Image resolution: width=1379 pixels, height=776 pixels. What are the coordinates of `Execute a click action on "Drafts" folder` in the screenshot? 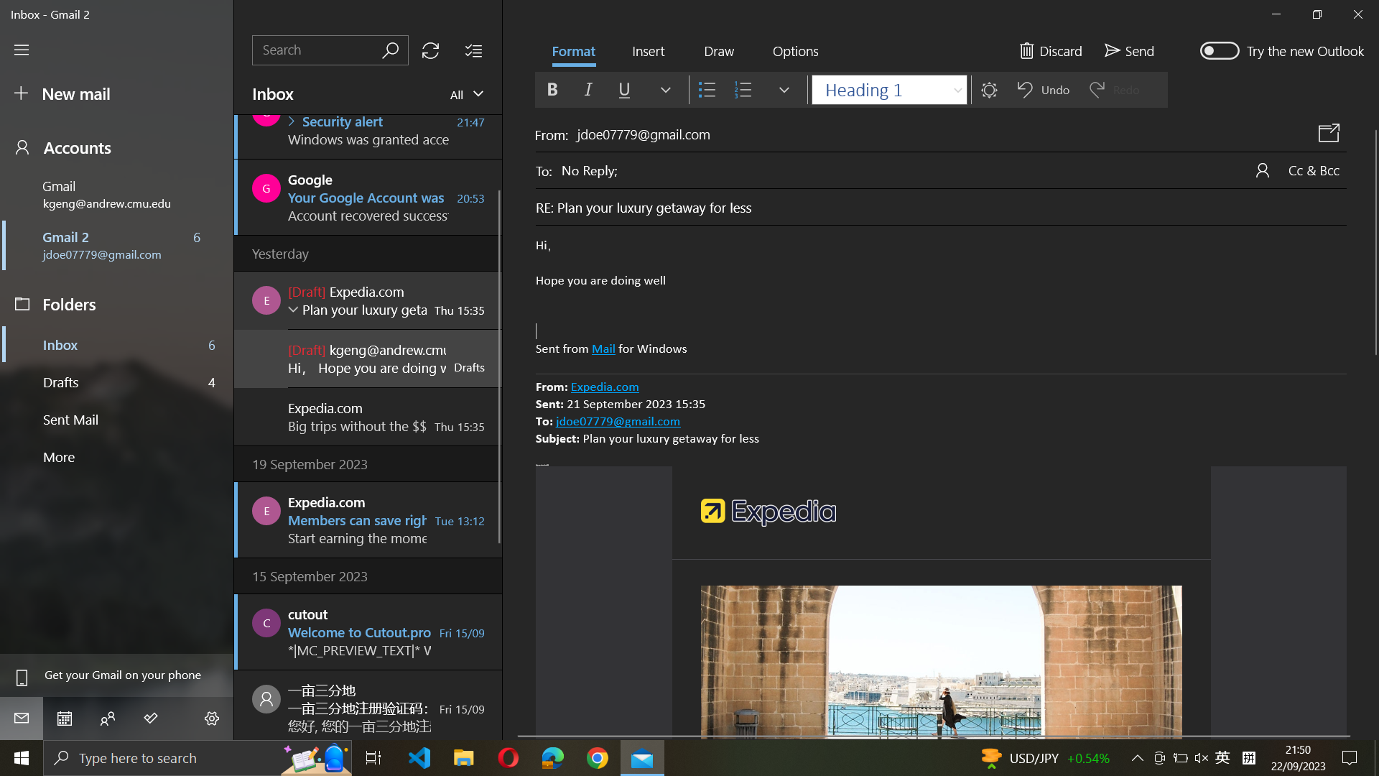 It's located at (118, 380).